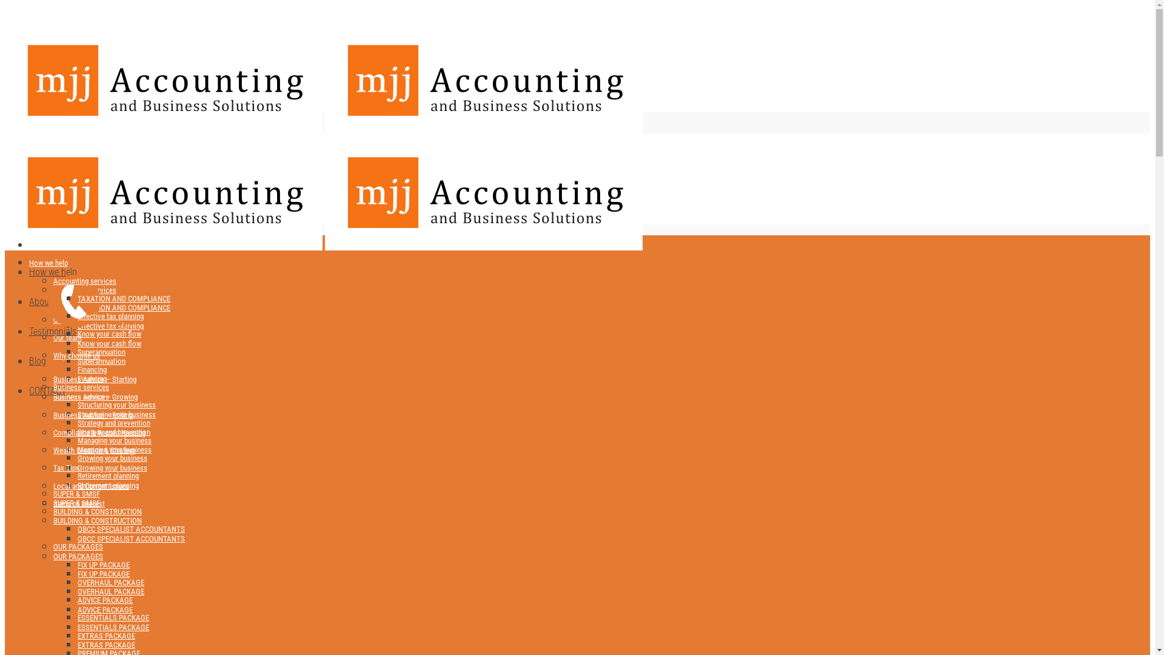  Describe the element at coordinates (131, 537) in the screenshot. I see `'QBCC SPECIALIST ACCOUNTANTS'` at that location.